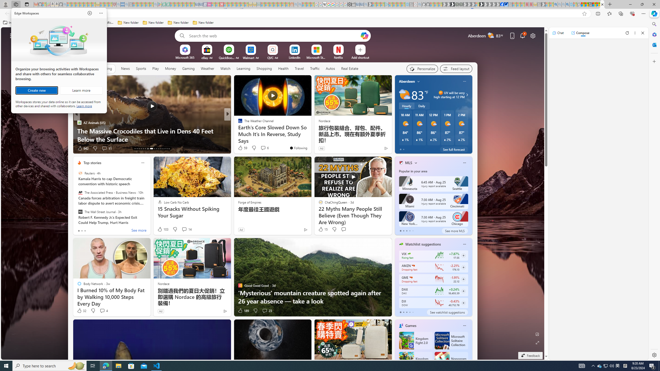  What do you see at coordinates (221, 4) in the screenshot?
I see `'Latest Politics News & Archive | Newsweek.com - Sleeping'` at bounding box center [221, 4].